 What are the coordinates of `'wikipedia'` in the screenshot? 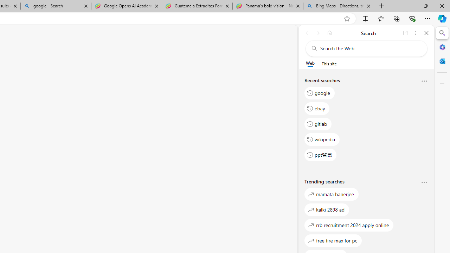 It's located at (322, 139).